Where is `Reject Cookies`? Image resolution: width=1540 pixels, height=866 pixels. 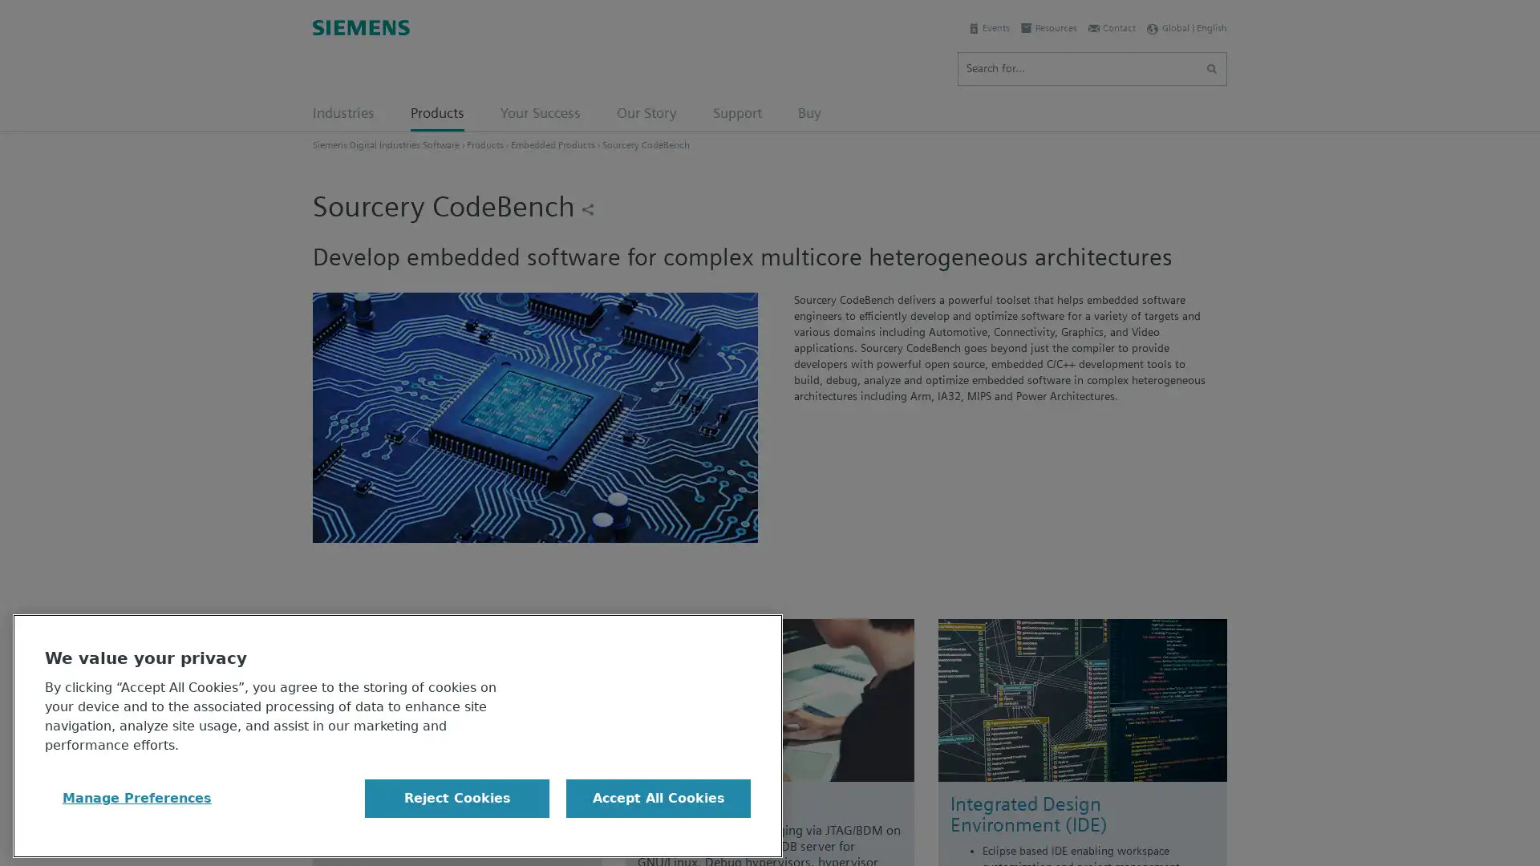
Reject Cookies is located at coordinates (456, 798).